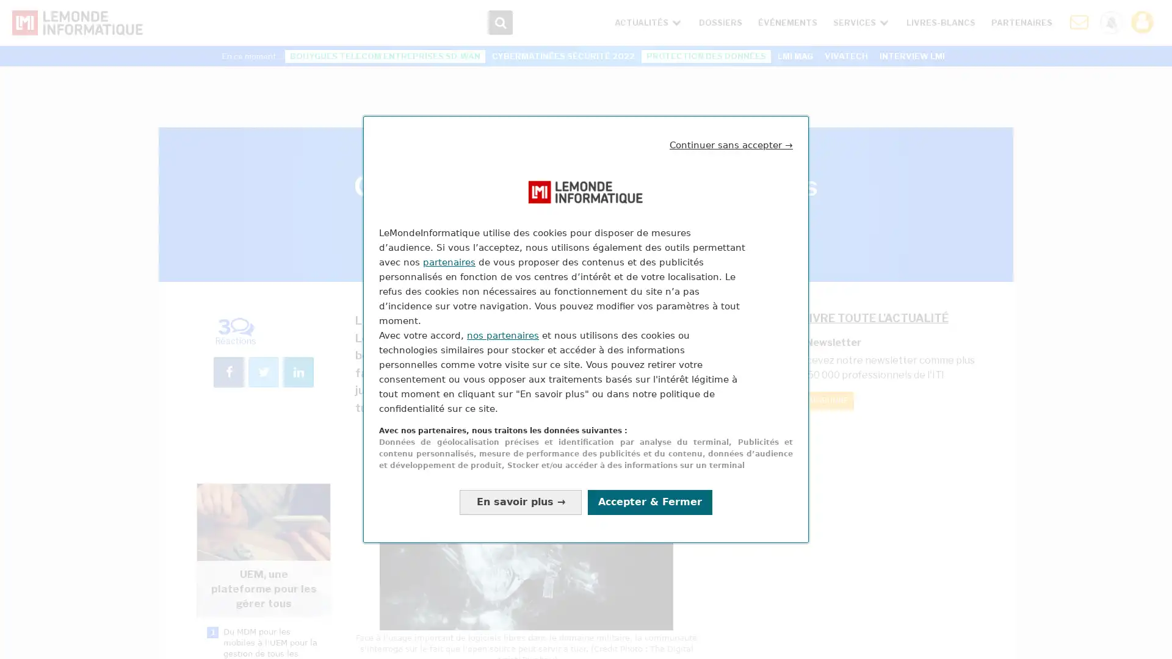 The image size is (1172, 659). Describe the element at coordinates (649, 502) in the screenshot. I see `Accepter notre traitement des donnees et fermer` at that location.